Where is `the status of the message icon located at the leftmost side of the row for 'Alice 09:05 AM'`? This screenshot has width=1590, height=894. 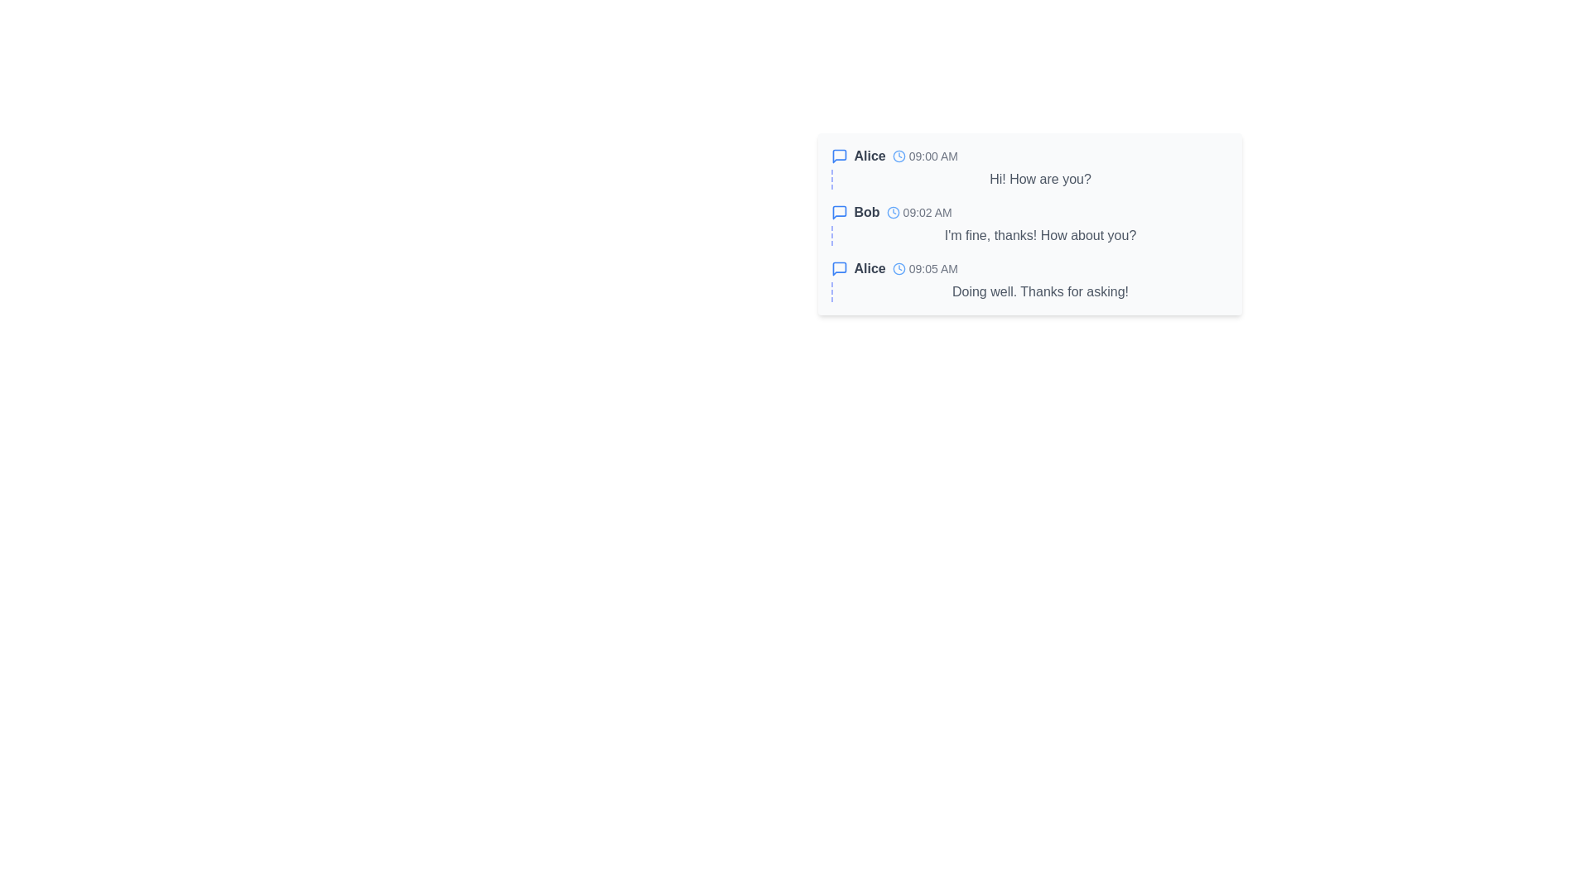
the status of the message icon located at the leftmost side of the row for 'Alice 09:05 AM' is located at coordinates (839, 267).